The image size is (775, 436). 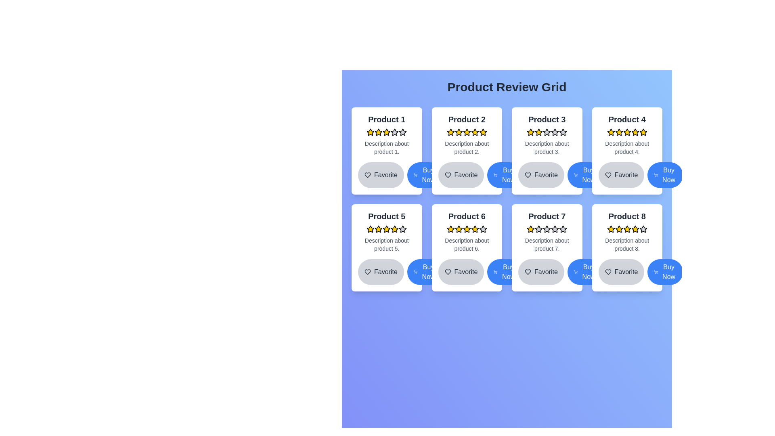 I want to click on the fifth rating star icon for 'Product 8', which is located beneath the product name and above the 'Favorite' and 'Buy Now' buttons, so click(x=643, y=229).